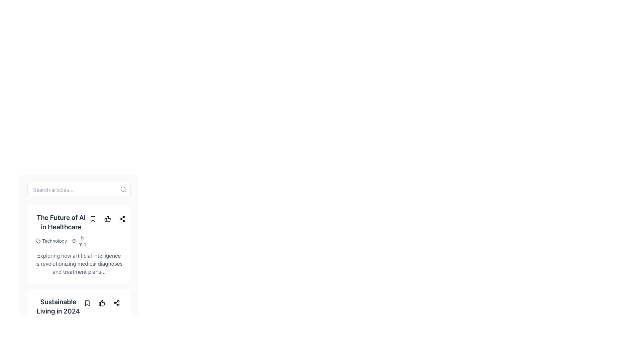  What do you see at coordinates (87, 303) in the screenshot?
I see `the bookmark icon located within the button, positioned to the right of the title text 'Sustainable Living in 2024' and adjacent to the like and share icons` at bounding box center [87, 303].